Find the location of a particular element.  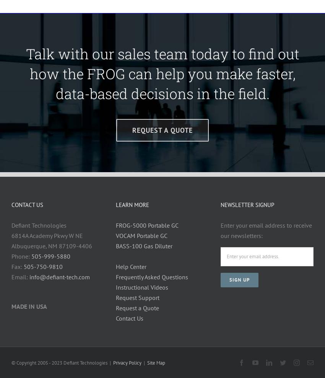

'© Copyright 2005 -' is located at coordinates (31, 363).